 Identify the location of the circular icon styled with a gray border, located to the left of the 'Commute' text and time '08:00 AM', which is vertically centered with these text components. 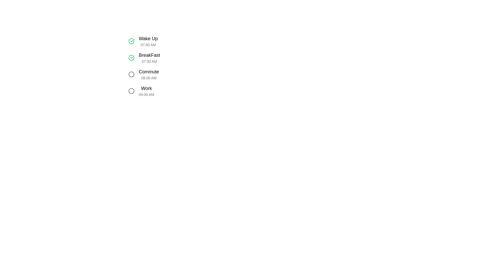
(131, 74).